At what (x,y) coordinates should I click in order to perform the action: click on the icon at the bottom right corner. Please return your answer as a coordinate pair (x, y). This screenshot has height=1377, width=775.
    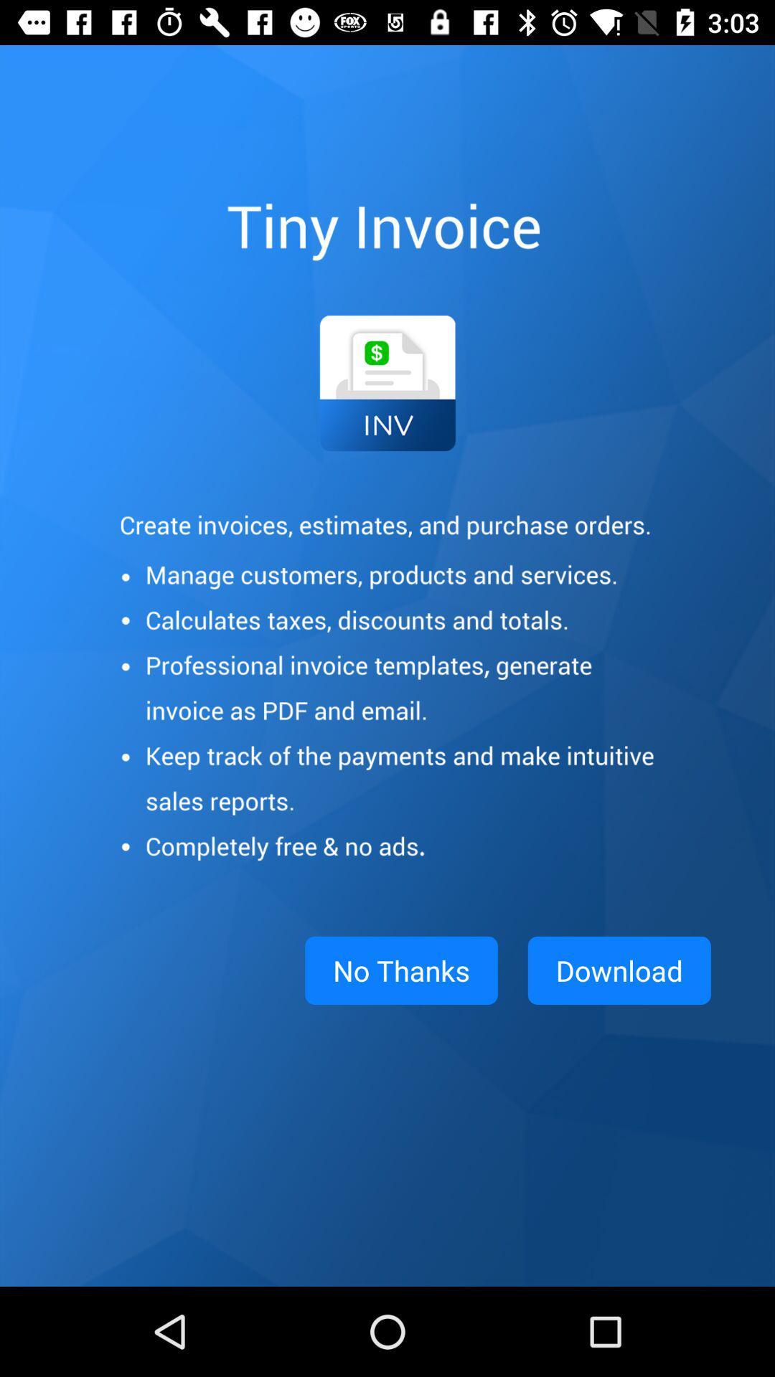
    Looking at the image, I should click on (619, 970).